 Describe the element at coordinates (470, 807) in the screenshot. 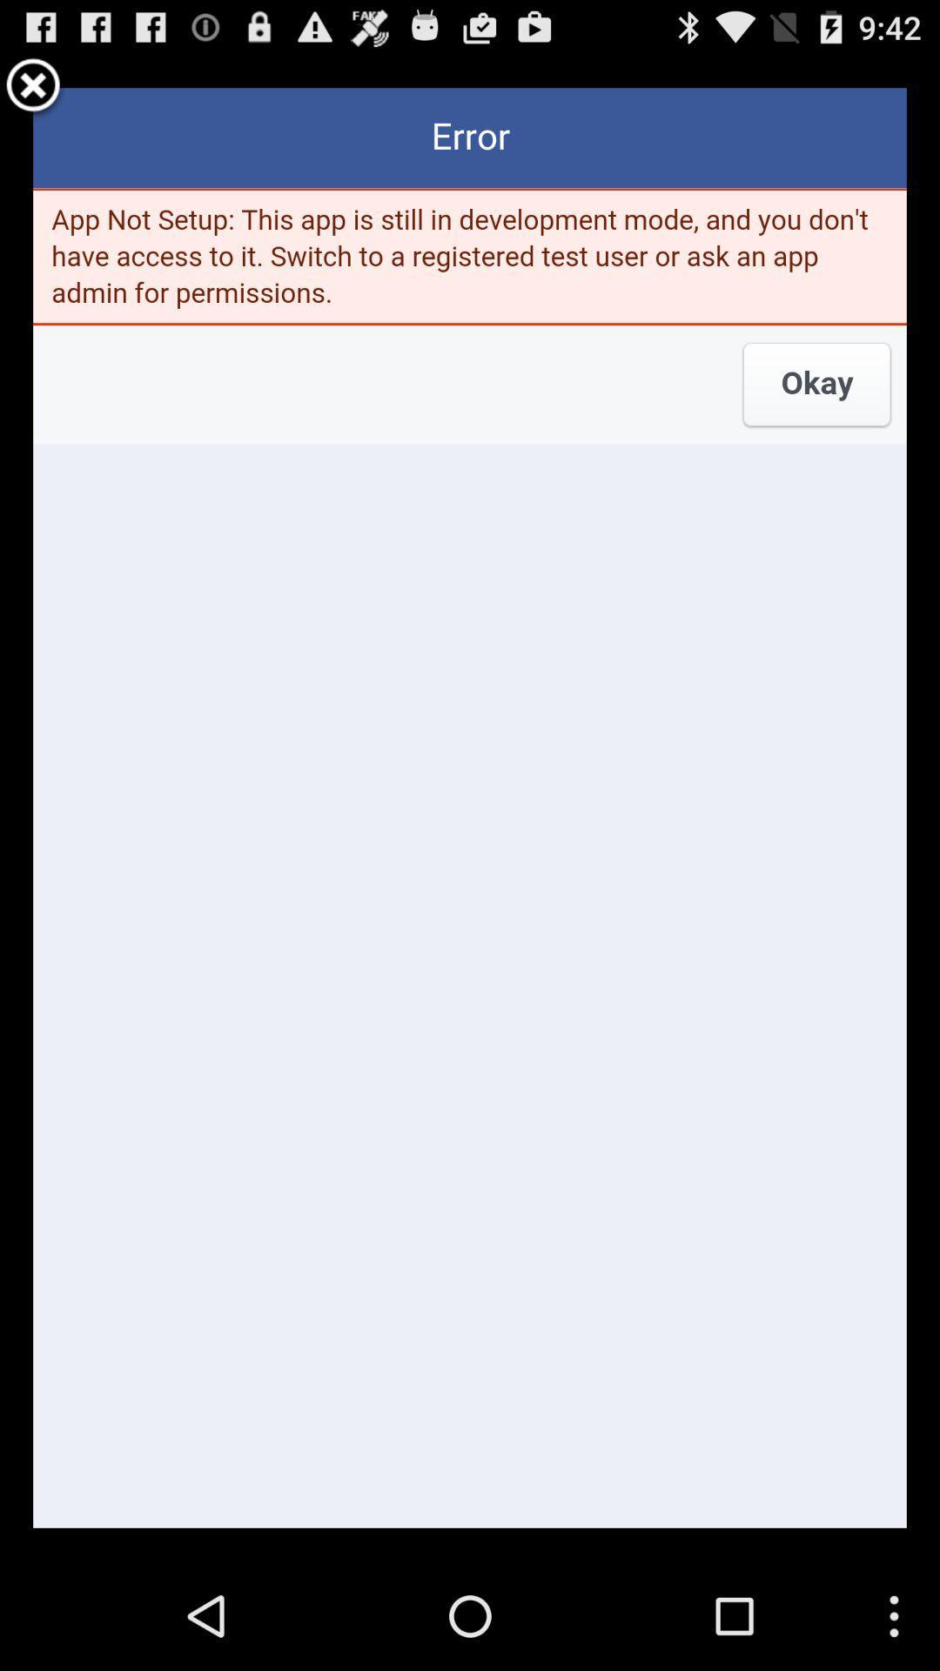

I see `error page` at that location.